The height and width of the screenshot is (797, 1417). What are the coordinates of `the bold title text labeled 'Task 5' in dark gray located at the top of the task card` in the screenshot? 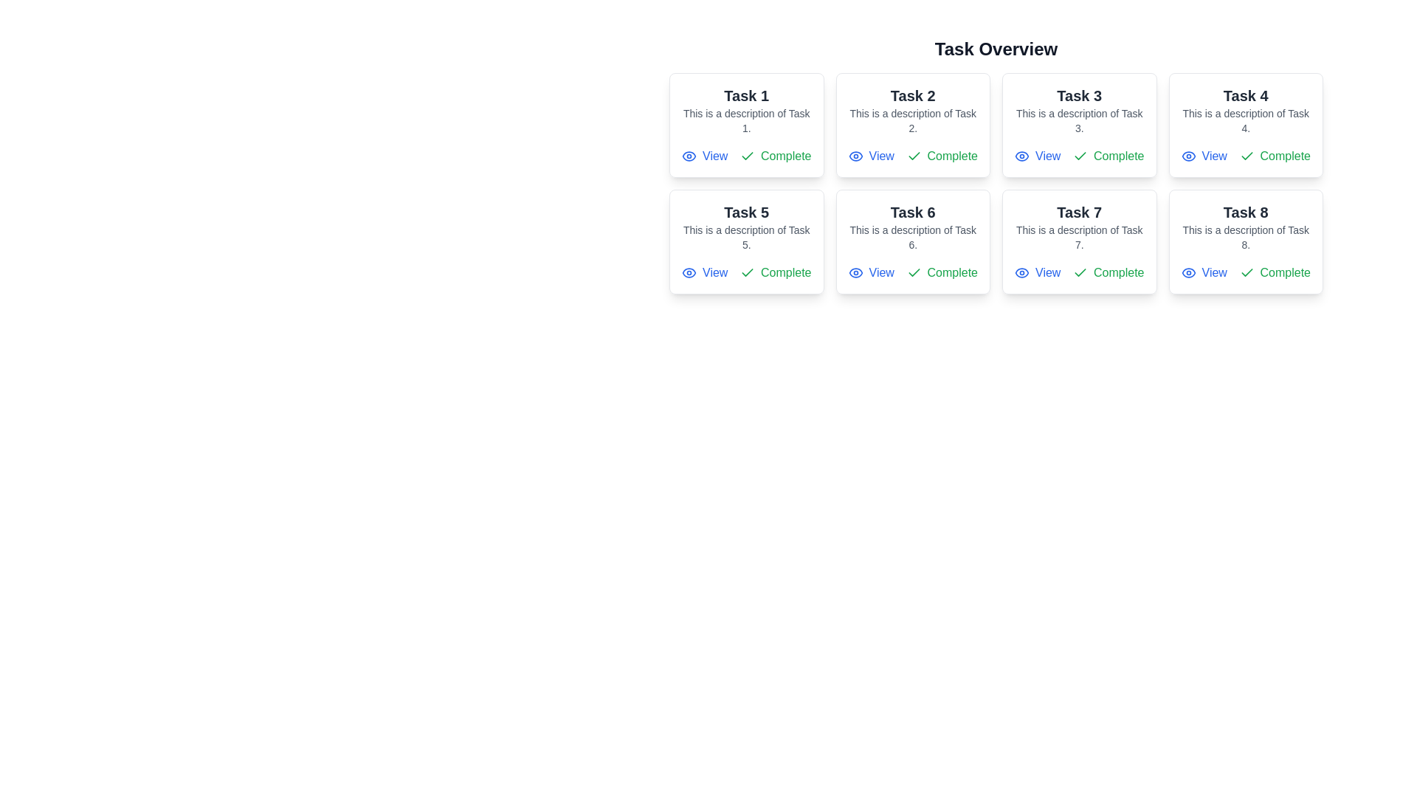 It's located at (746, 213).